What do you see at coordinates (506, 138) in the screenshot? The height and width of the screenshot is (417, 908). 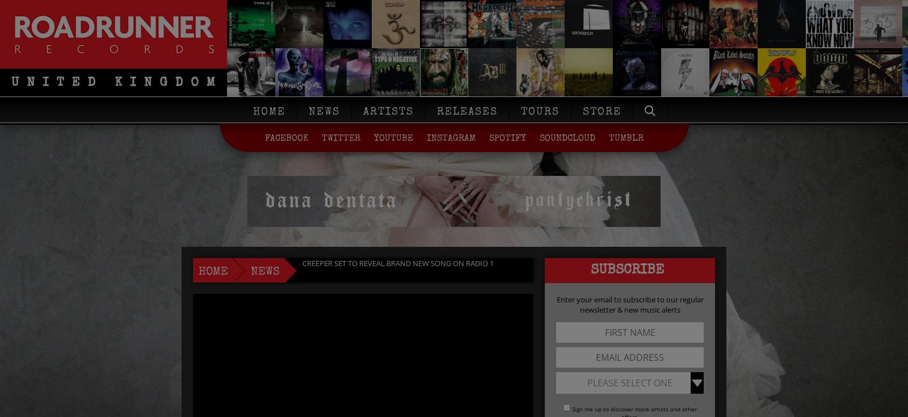 I see `'Spotify'` at bounding box center [506, 138].